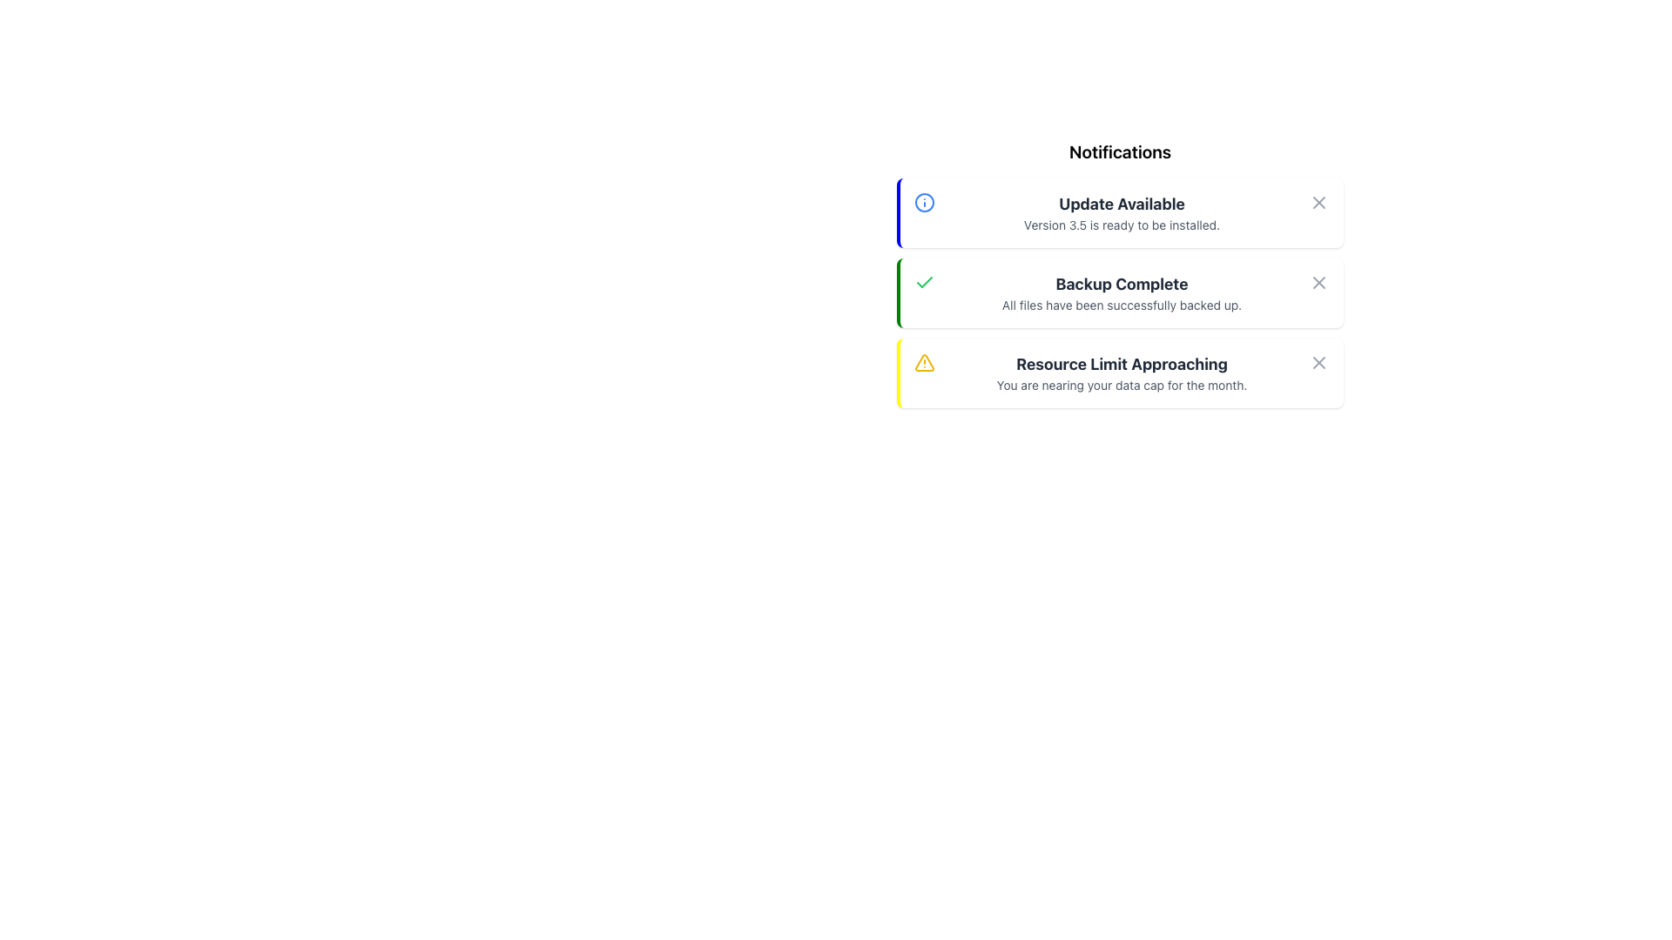 This screenshot has width=1672, height=940. Describe the element at coordinates (923, 281) in the screenshot. I see `the checkmark icon indicating 'Backup Complete' status located in the second notification row to the left of the text content` at that location.